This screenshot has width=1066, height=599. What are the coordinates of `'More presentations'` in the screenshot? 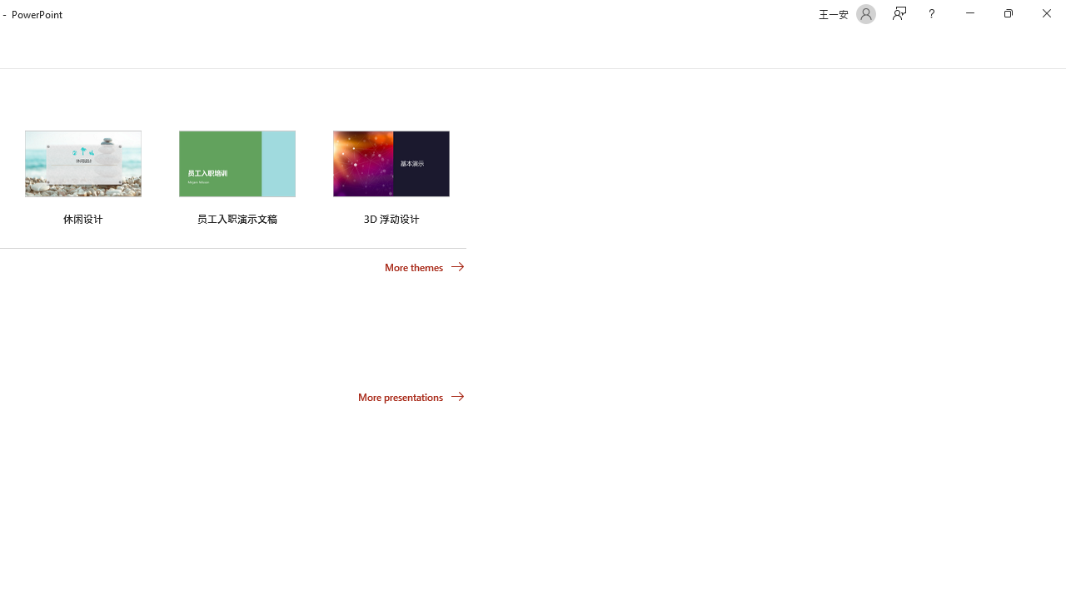 It's located at (411, 397).